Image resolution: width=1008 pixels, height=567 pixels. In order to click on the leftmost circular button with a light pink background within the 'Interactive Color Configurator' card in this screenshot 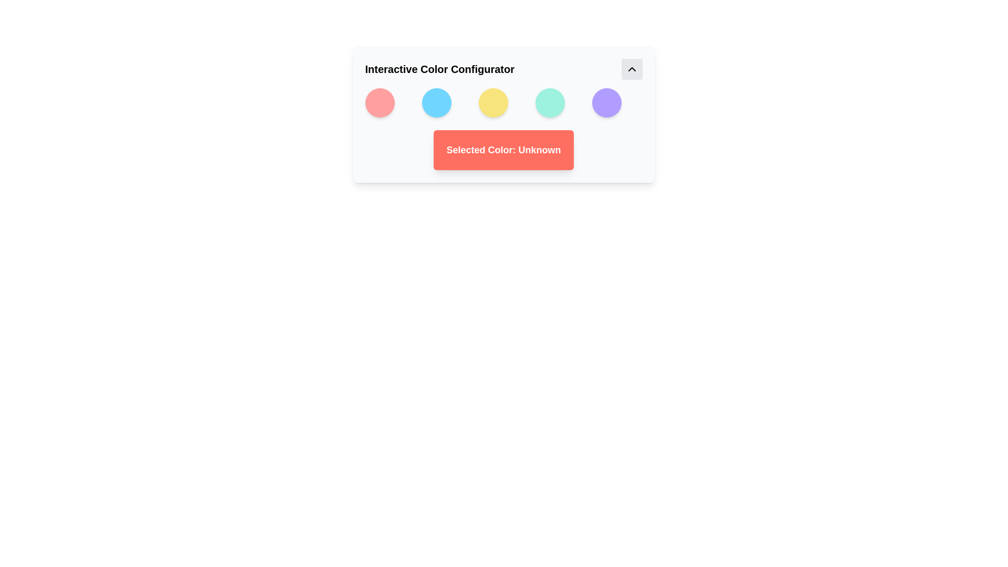, I will do `click(379, 103)`.